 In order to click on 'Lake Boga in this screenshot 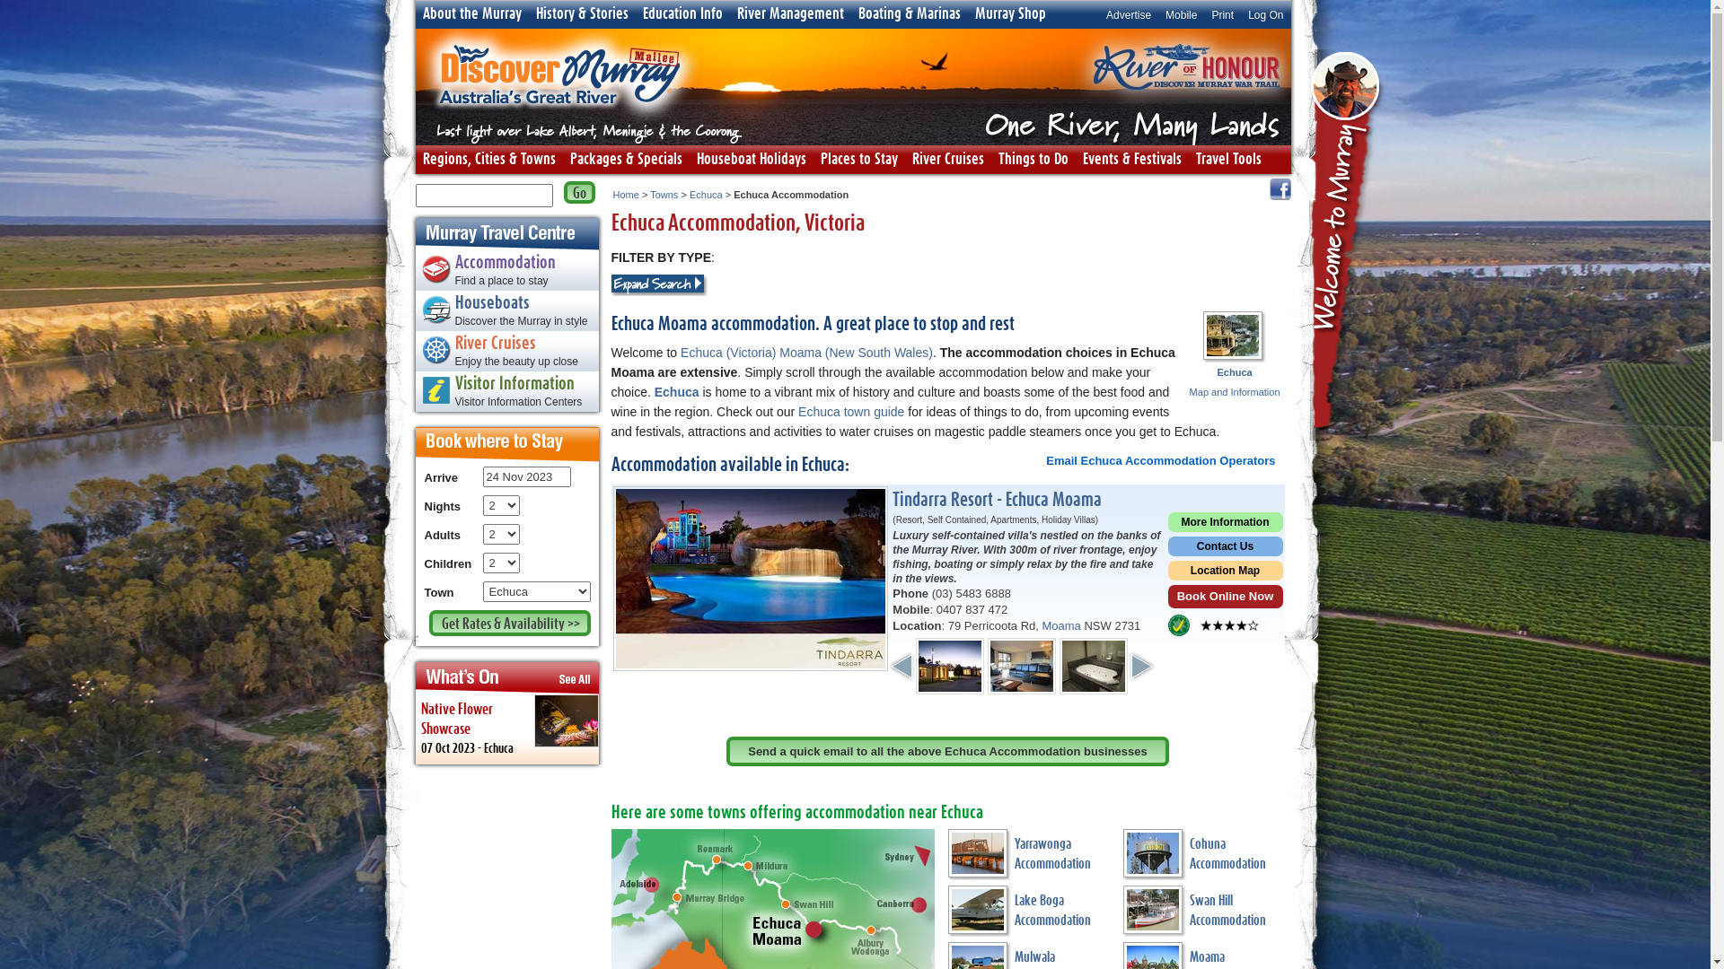, I will do `click(1029, 913)`.